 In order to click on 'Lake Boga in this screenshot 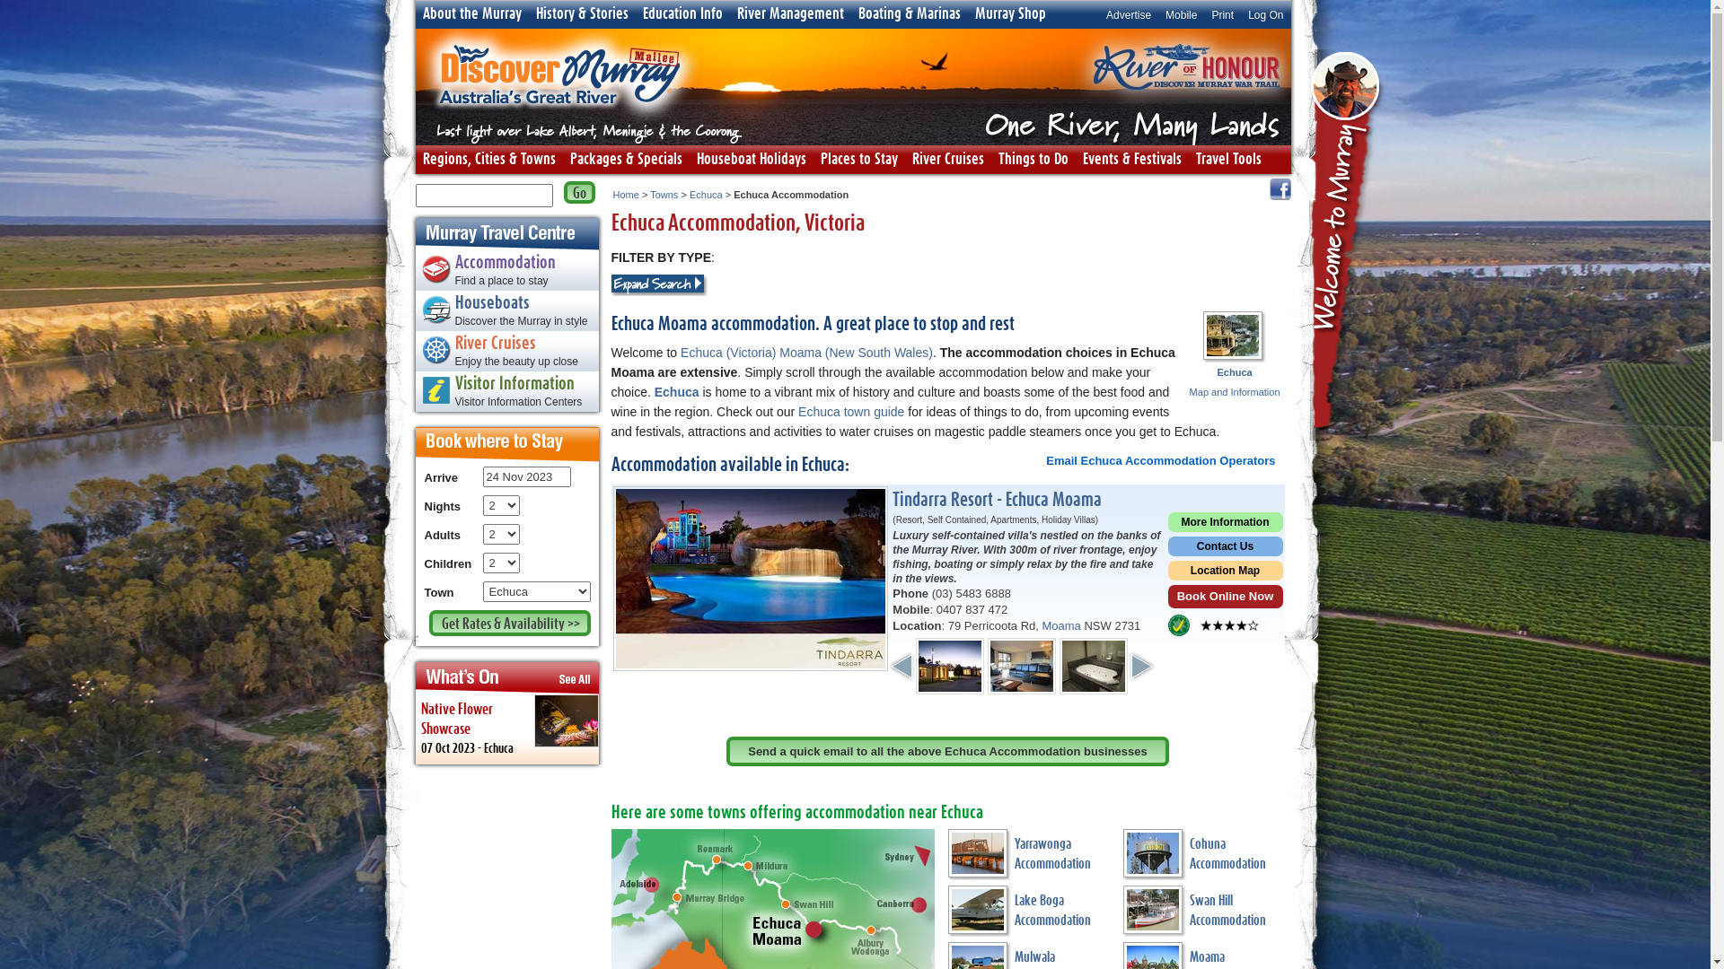, I will do `click(1029, 913)`.